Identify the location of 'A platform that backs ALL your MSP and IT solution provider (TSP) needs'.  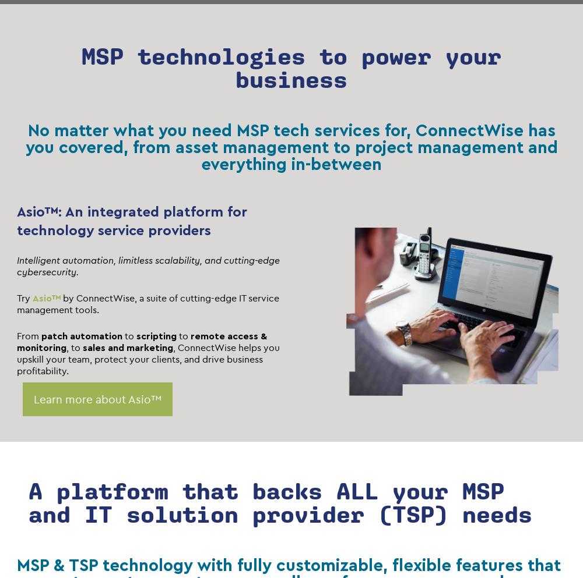
(280, 502).